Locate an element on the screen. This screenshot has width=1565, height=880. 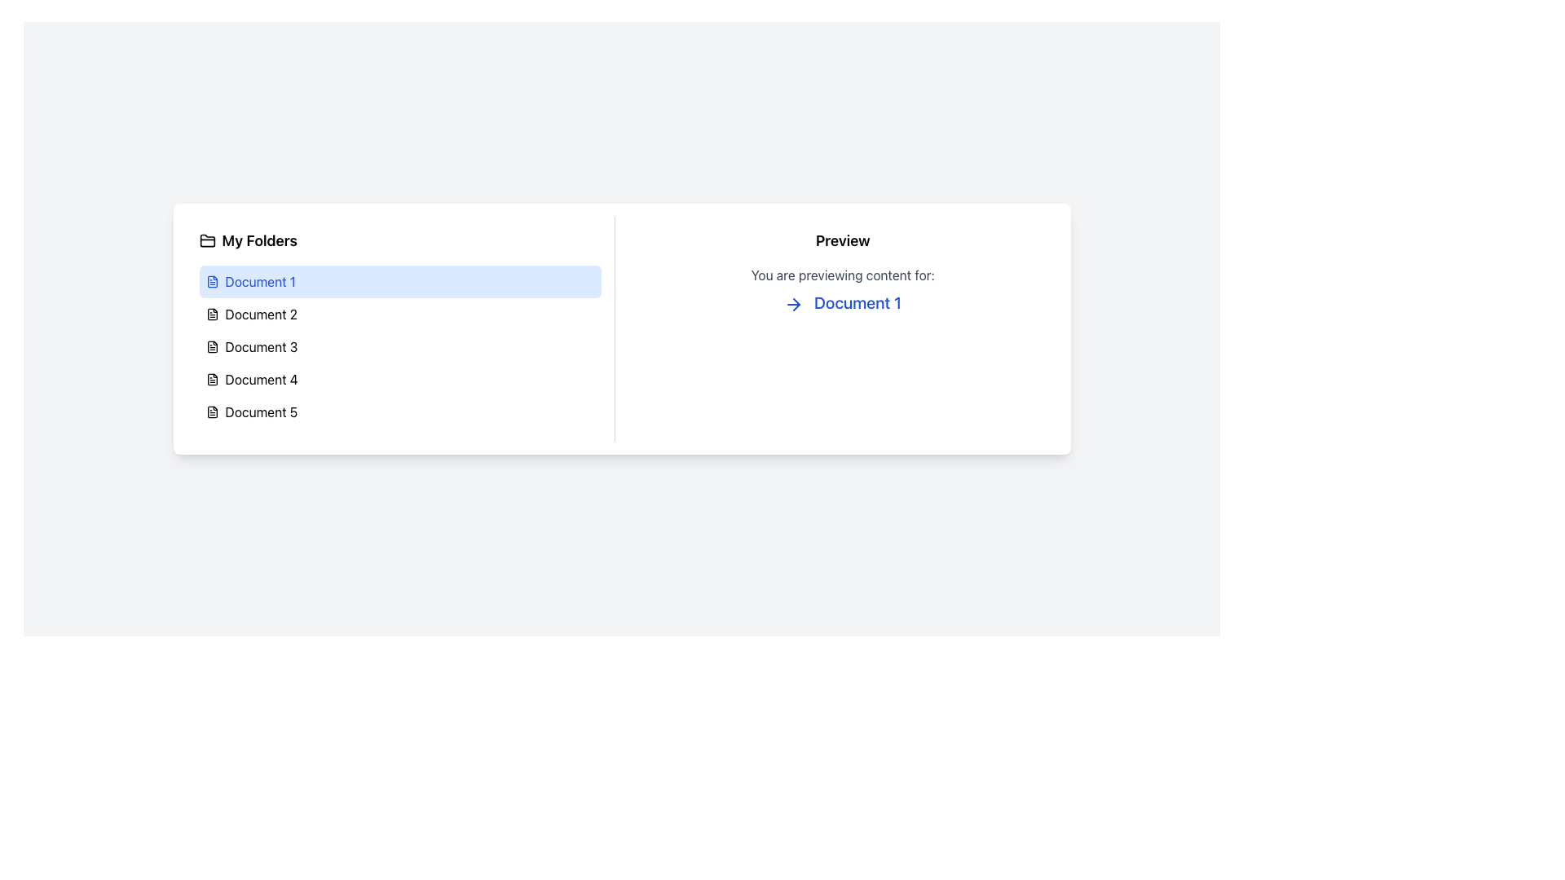
the 'My Folders' icon, which is located to the left of the text label 'My Folders' in the upper-left region of the interface is located at coordinates (206, 241).